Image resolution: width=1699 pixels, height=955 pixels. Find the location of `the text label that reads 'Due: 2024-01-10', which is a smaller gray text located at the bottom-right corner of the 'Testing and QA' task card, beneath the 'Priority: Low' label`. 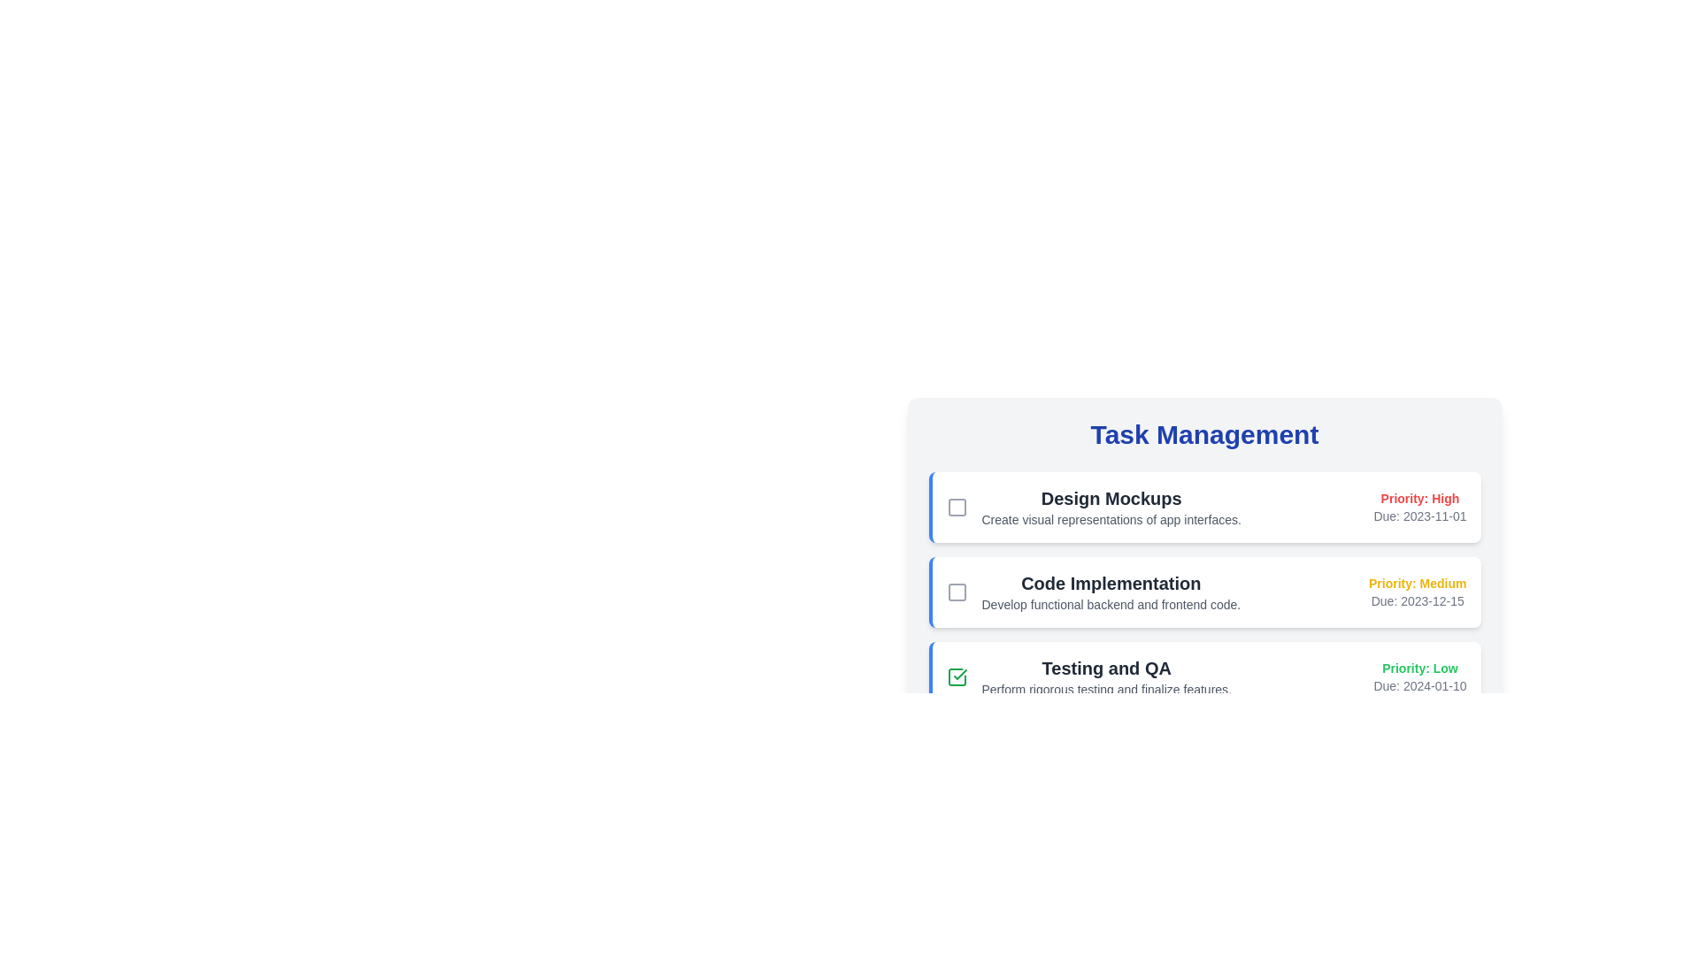

the text label that reads 'Due: 2024-01-10', which is a smaller gray text located at the bottom-right corner of the 'Testing and QA' task card, beneath the 'Priority: Low' label is located at coordinates (1419, 684).